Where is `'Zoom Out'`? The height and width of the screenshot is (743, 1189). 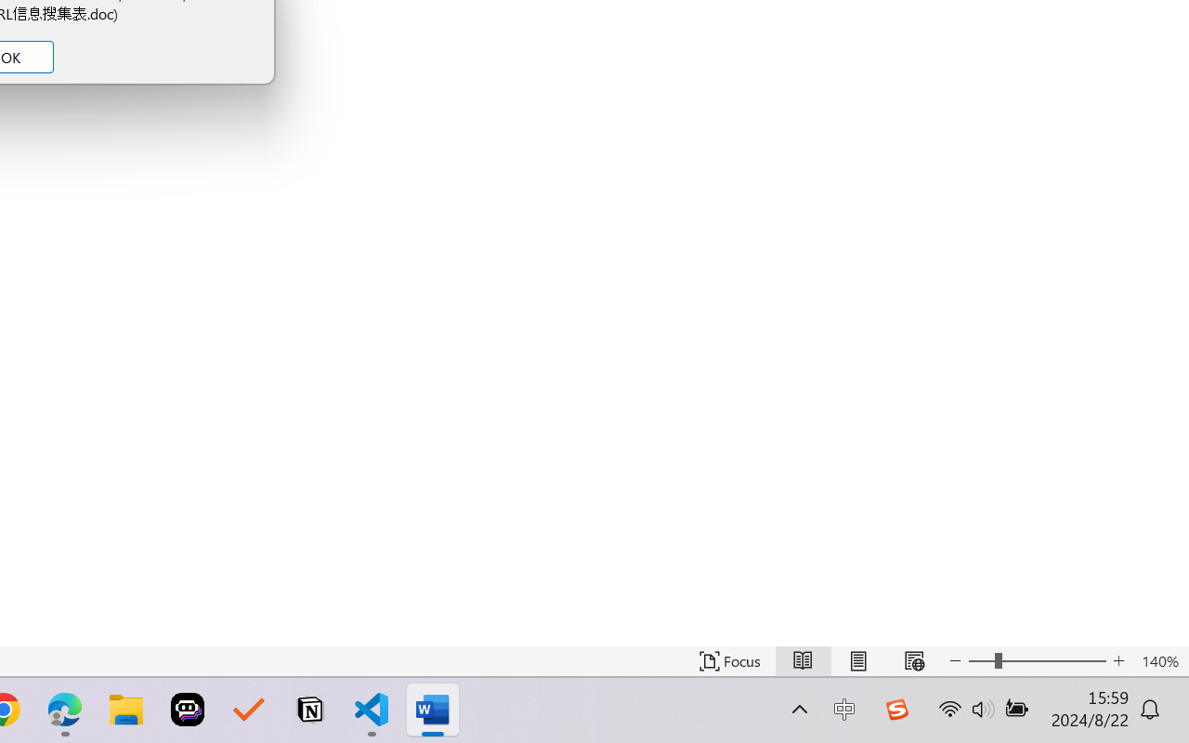
'Zoom Out' is located at coordinates (980, 660).